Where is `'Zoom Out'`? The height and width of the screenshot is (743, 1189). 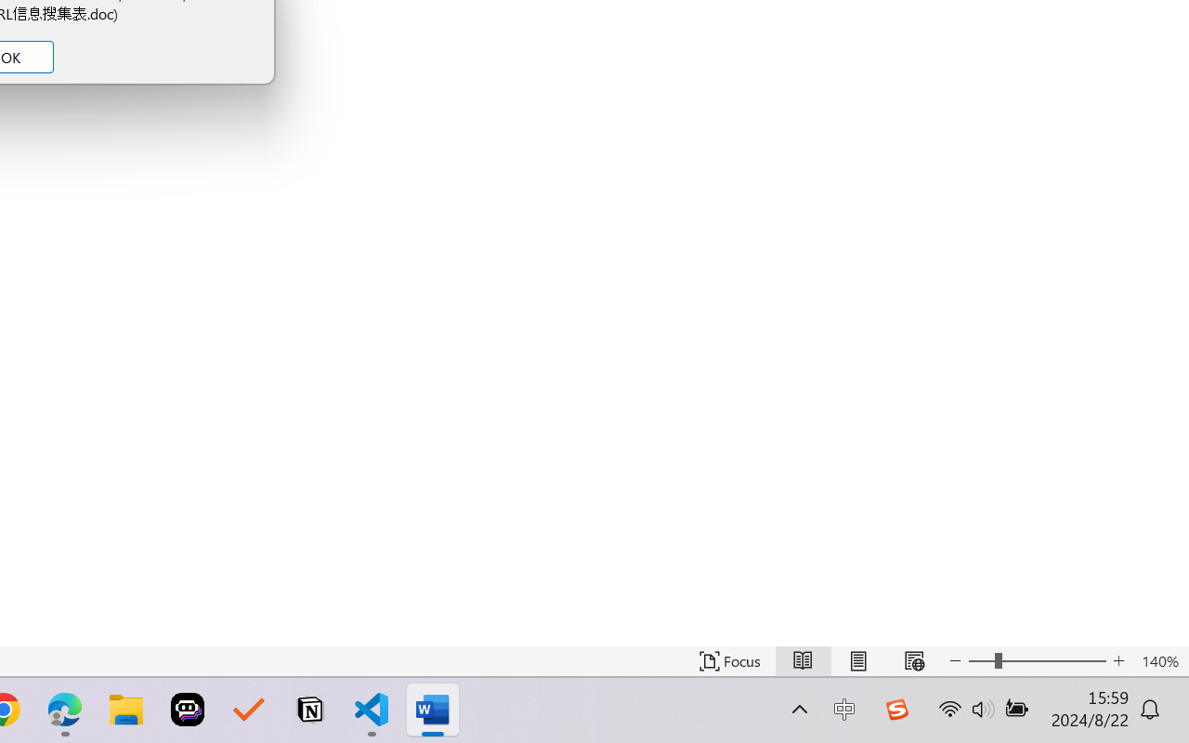
'Zoom Out' is located at coordinates (980, 660).